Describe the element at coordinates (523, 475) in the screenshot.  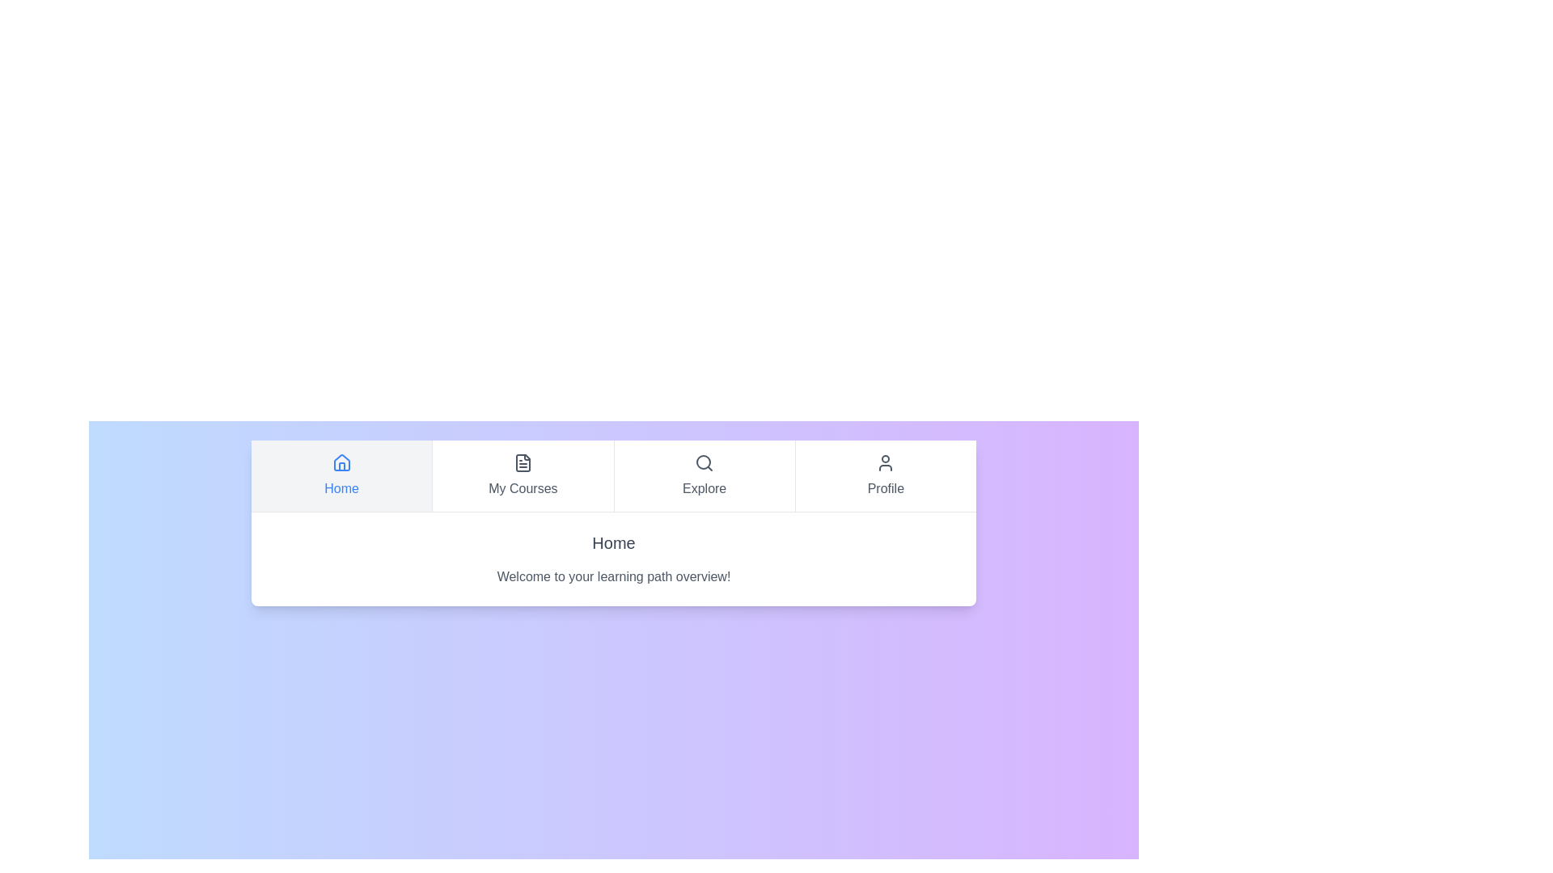
I see `the tab labeled My Courses to navigate to its content` at that location.